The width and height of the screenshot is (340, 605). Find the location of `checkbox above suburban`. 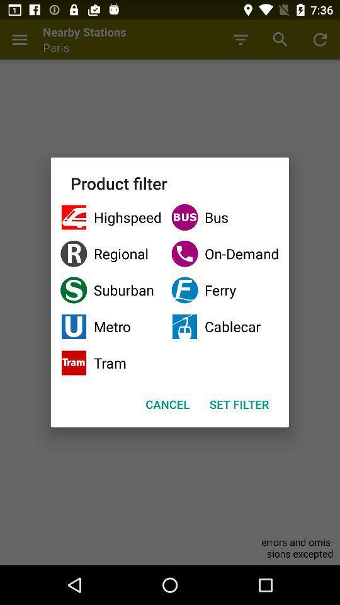

checkbox above suburban is located at coordinates (224, 253).